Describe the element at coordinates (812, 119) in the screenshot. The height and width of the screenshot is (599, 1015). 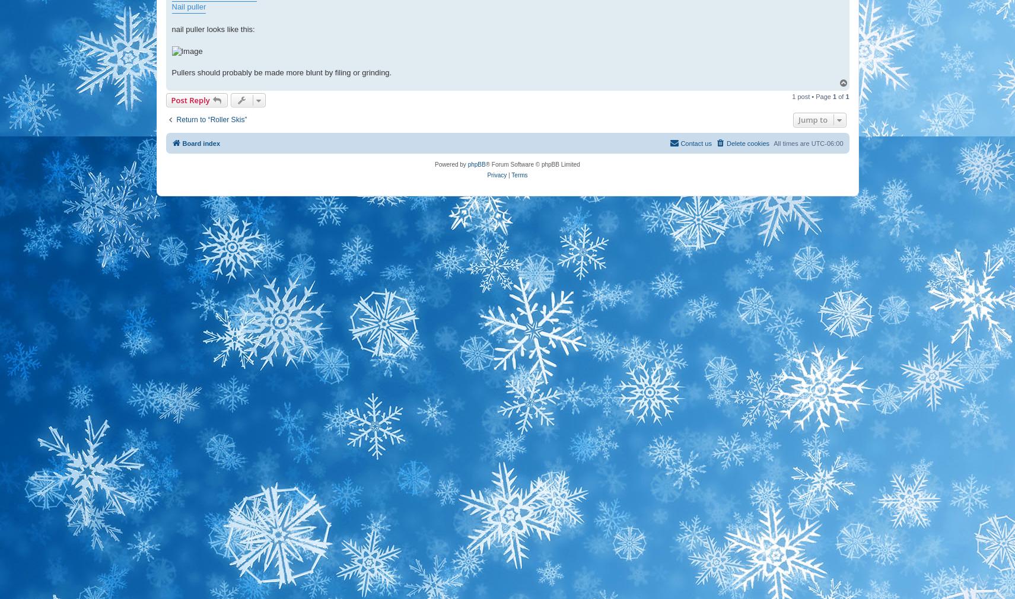
I see `'Jump to'` at that location.